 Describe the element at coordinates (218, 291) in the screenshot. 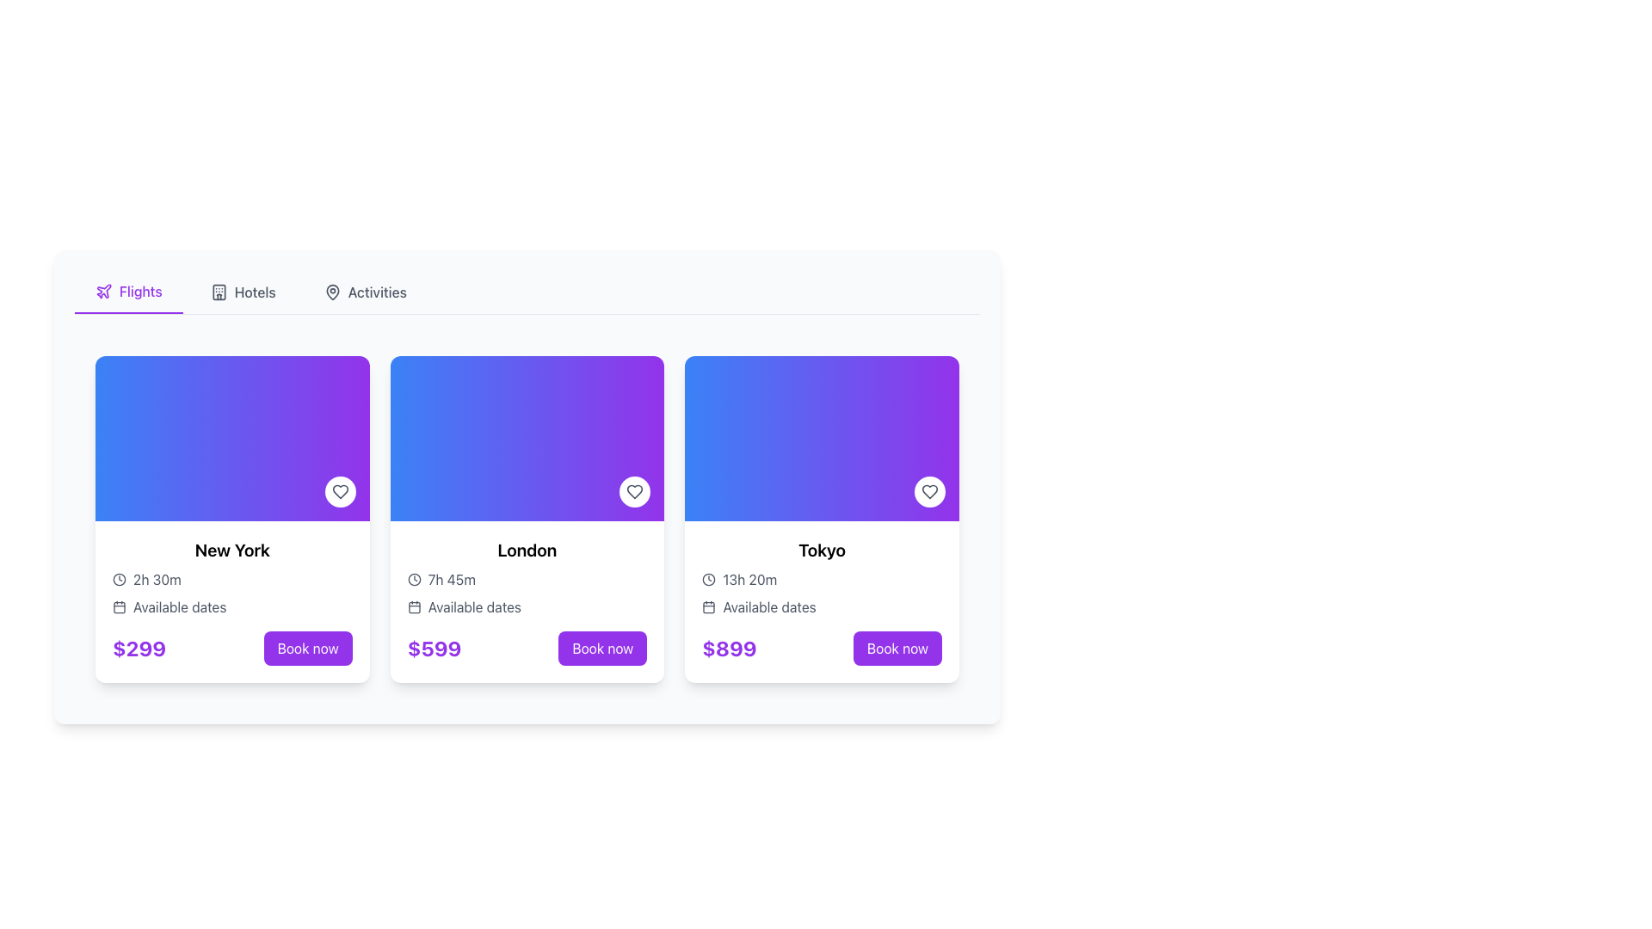

I see `the second icon from the left in the navigation bar that resembles a small building` at that location.